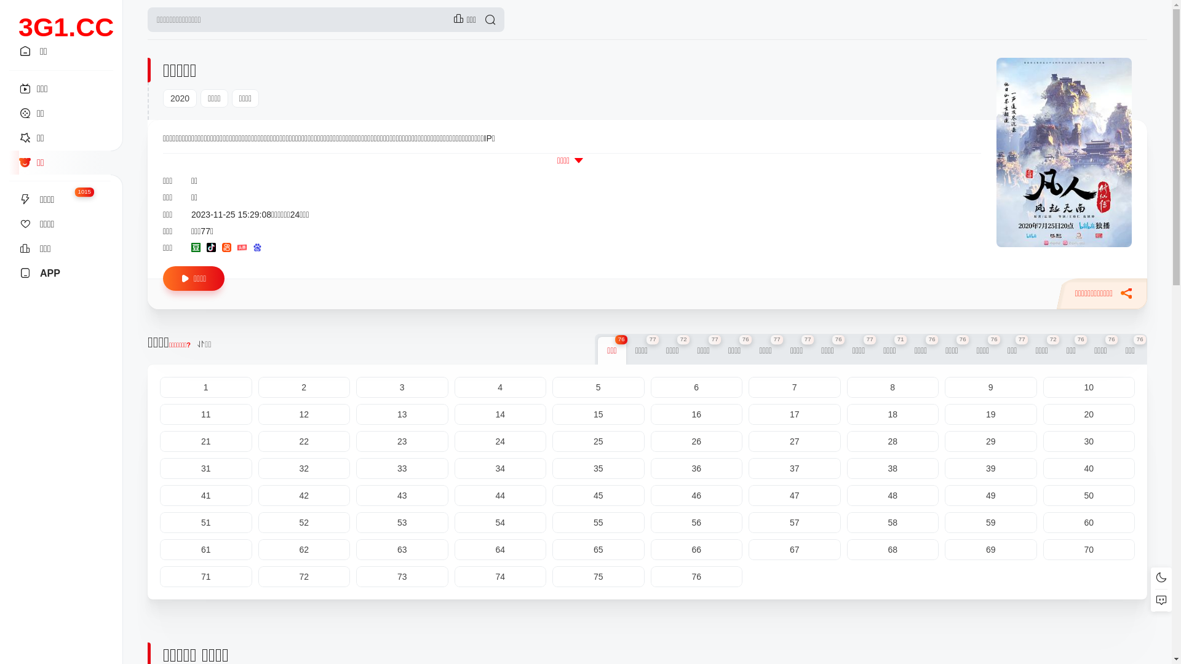  I want to click on '34', so click(453, 468).